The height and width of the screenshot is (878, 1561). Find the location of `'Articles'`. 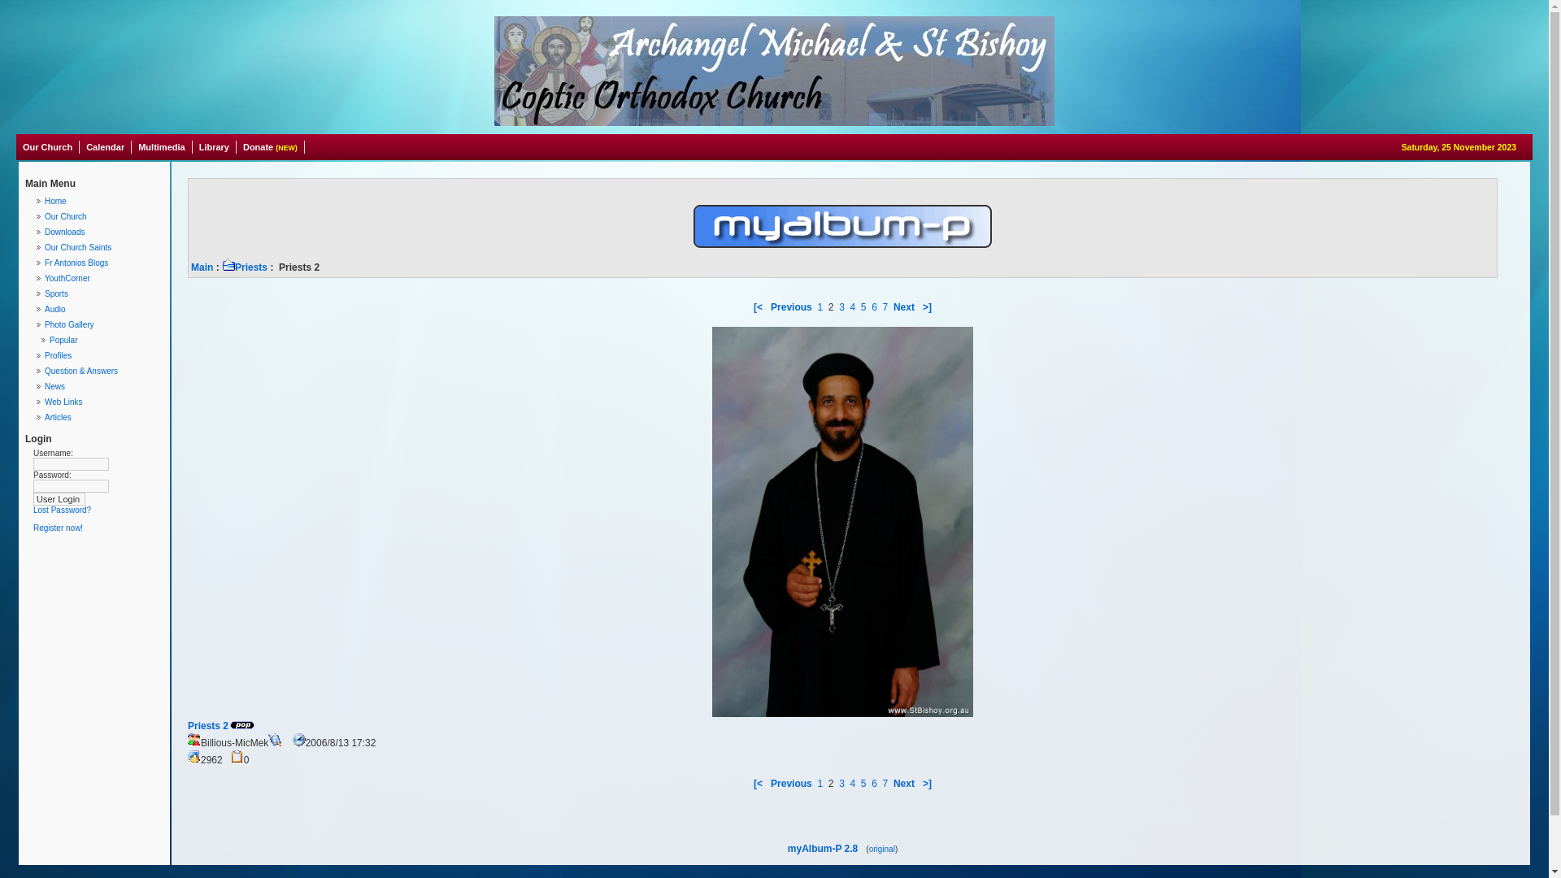

'Articles' is located at coordinates (97, 416).